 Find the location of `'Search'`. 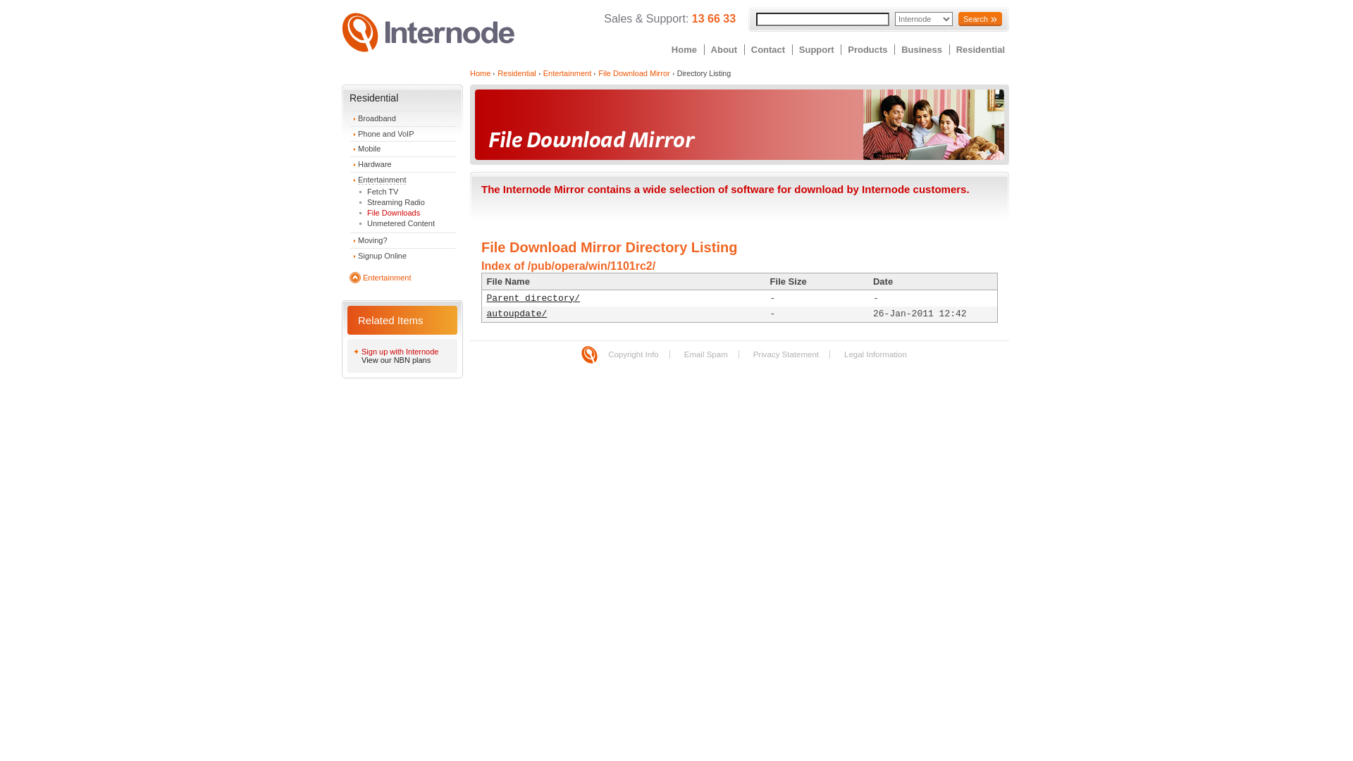

'Search' is located at coordinates (980, 19).